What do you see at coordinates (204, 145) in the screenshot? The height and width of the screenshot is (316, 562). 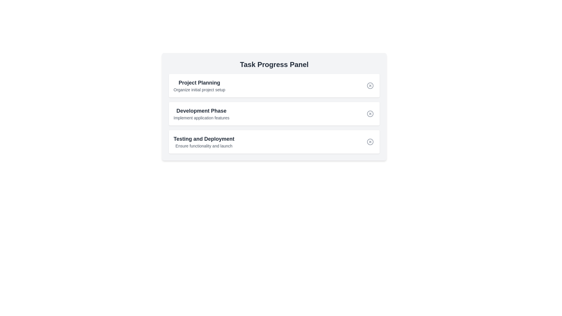 I see `supplementary descriptive text located in the 'Task Progress Panel' below the heading 'Testing and Deployment'` at bounding box center [204, 145].